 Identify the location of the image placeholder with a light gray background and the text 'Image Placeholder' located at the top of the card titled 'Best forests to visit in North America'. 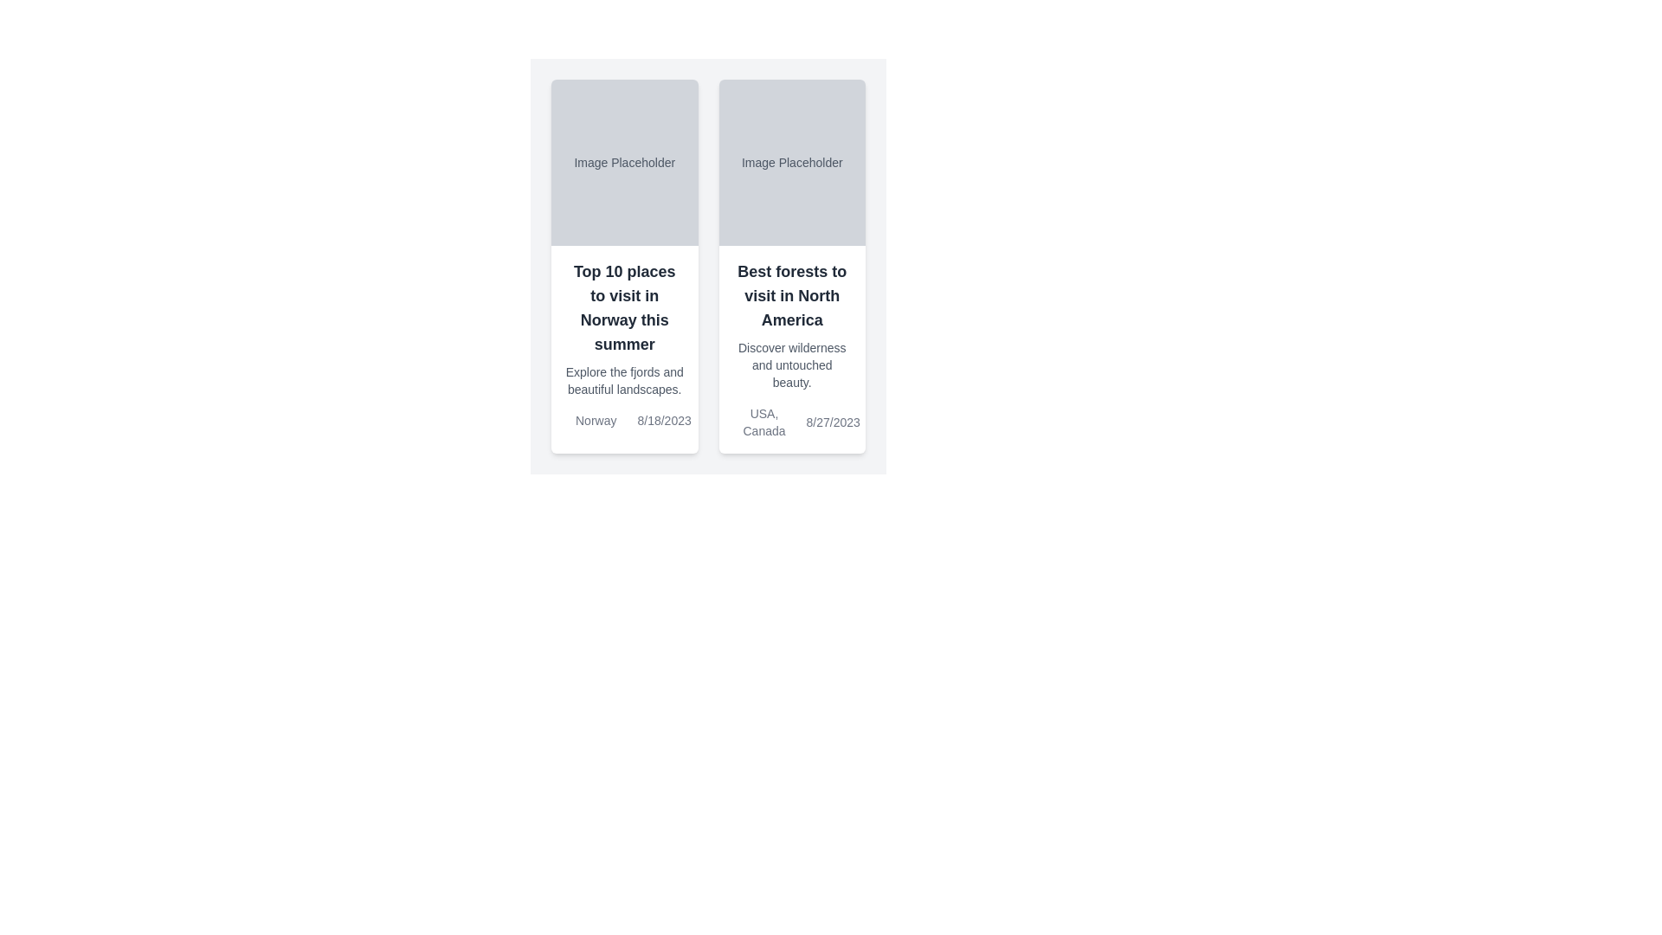
(791, 163).